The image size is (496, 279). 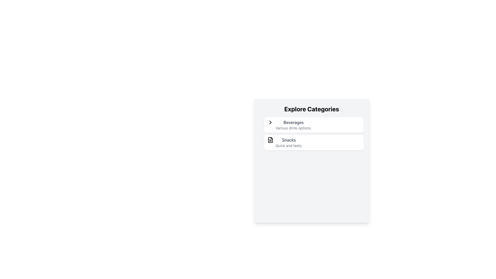 I want to click on the Text Block that displays the title and subtitle of the 'Snacks' category, located in the second category item of the vertically-stacked list labeled 'Explore Categories', below 'Beverages', so click(x=289, y=142).